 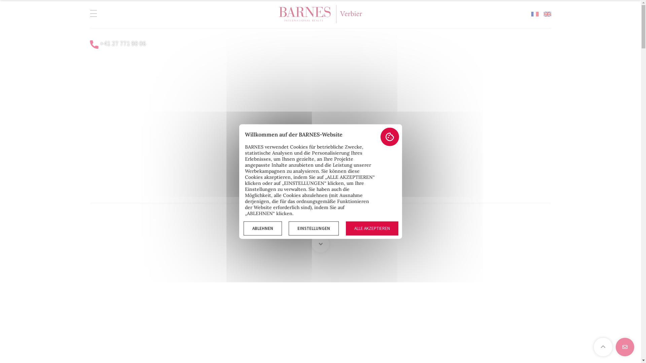 I want to click on 'ABLEHNEN', so click(x=243, y=228).